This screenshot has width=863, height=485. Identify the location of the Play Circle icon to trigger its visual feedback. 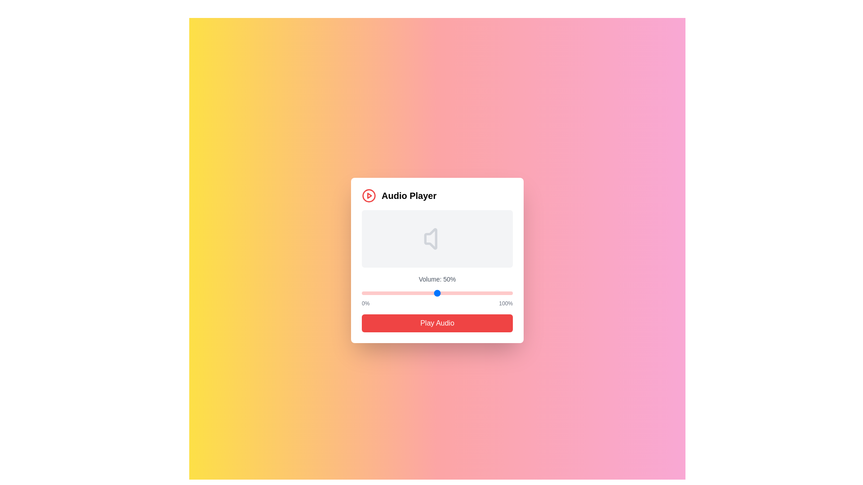
(369, 195).